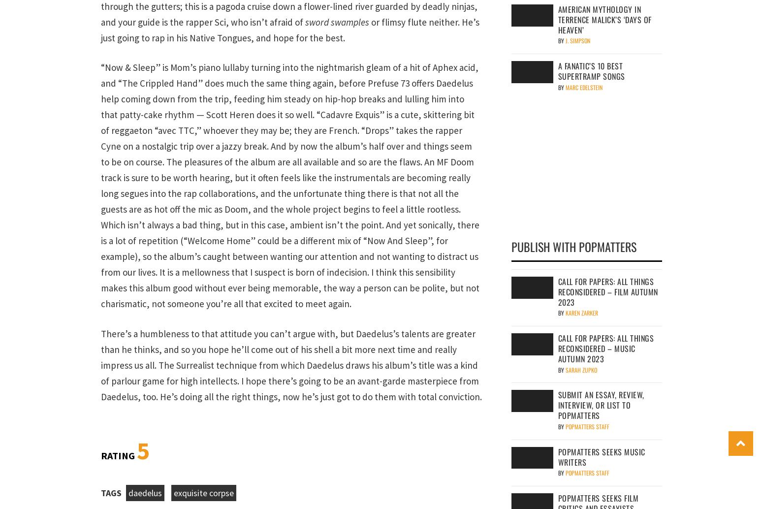  What do you see at coordinates (336, 22) in the screenshot?
I see `'sword swamples'` at bounding box center [336, 22].